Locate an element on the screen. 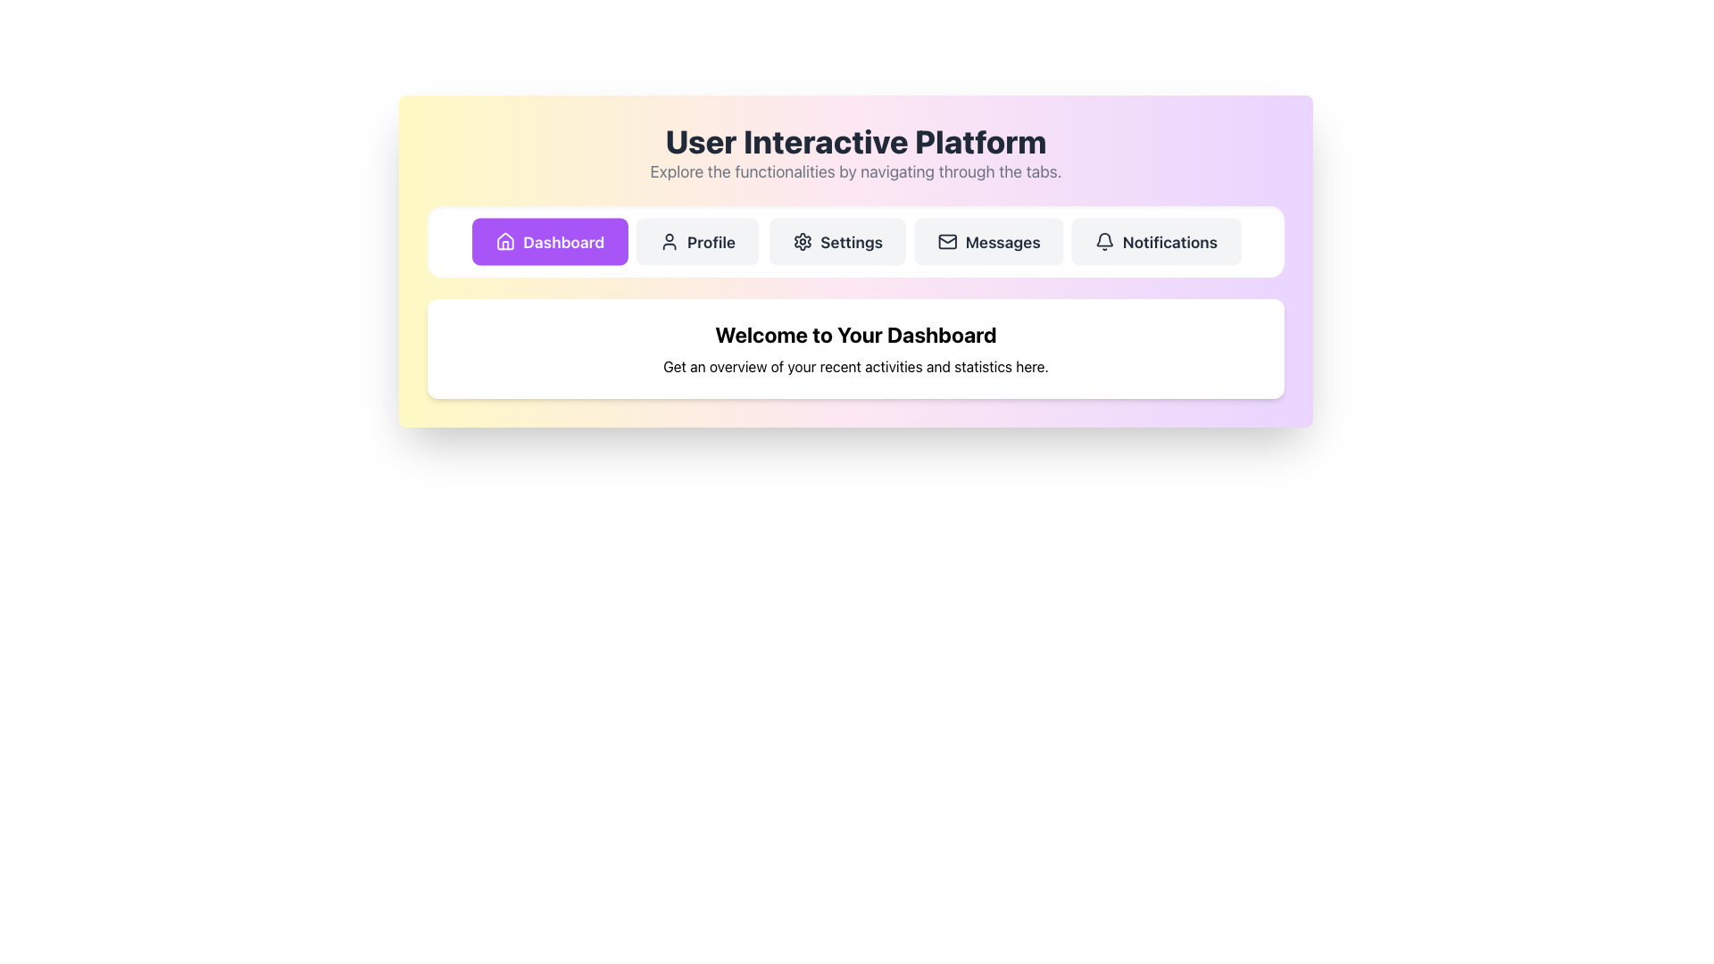  the 'Profile' text label located within the second button of the horizontal navigation bar, which is styled with a dark gray sans-serif font on a light background is located at coordinates (711, 241).